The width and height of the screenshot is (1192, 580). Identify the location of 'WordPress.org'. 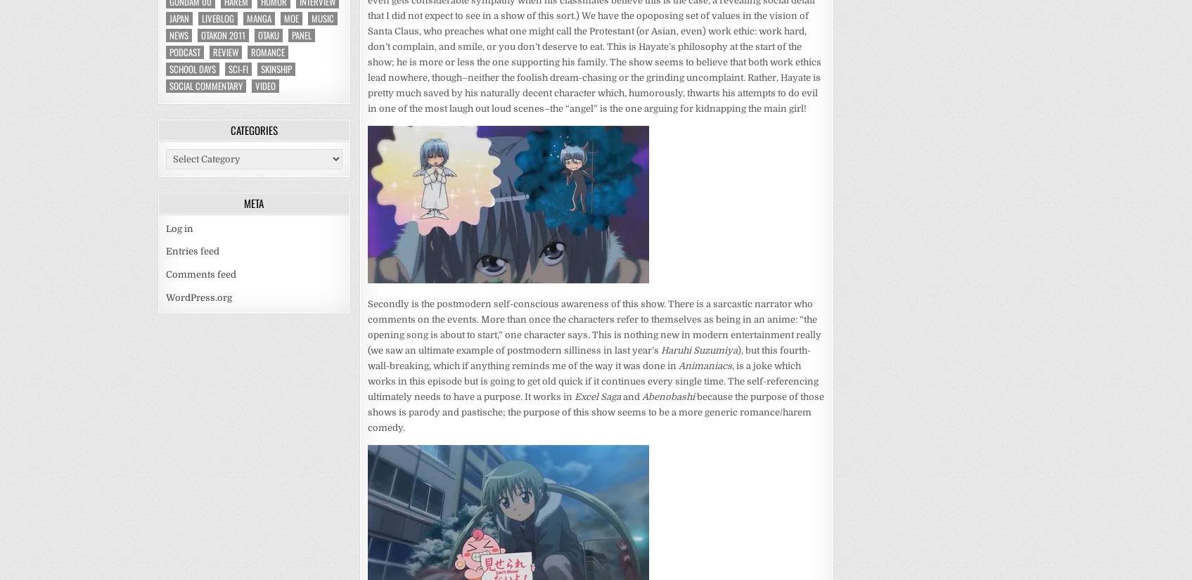
(198, 297).